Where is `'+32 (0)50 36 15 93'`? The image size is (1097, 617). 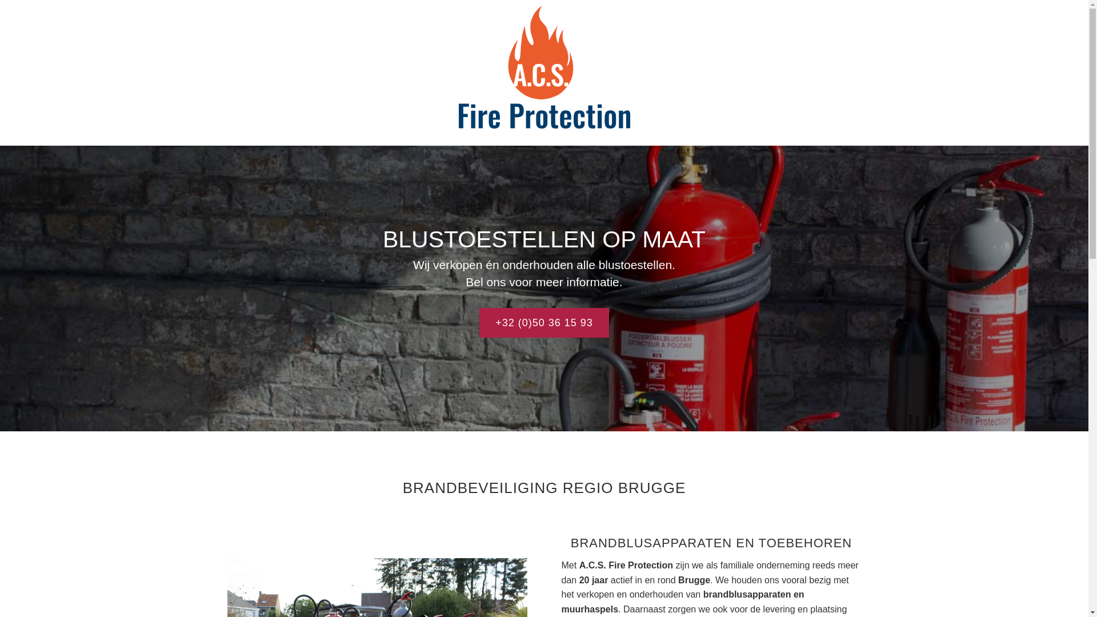
'+32 (0)50 36 15 93' is located at coordinates (543, 322).